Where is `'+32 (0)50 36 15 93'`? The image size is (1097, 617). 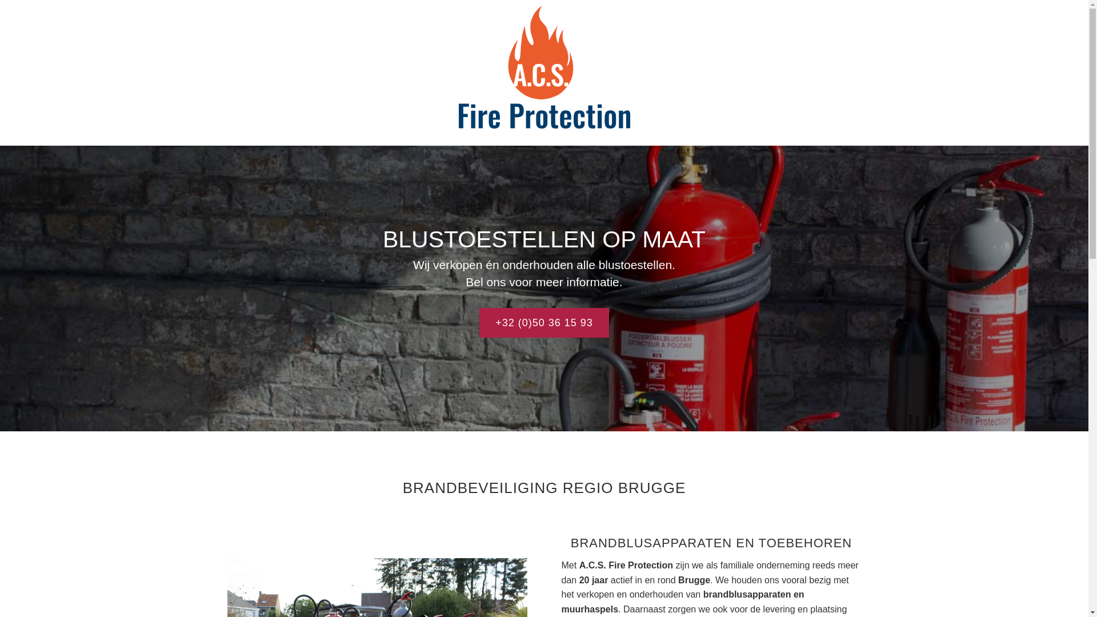
'+32 (0)50 36 15 93' is located at coordinates (543, 322).